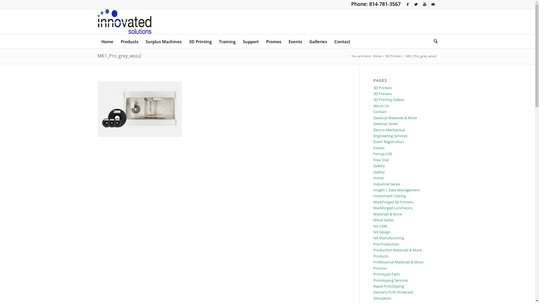 Image resolution: width=539 pixels, height=303 pixels. I want to click on 'Free Trial', so click(381, 160).